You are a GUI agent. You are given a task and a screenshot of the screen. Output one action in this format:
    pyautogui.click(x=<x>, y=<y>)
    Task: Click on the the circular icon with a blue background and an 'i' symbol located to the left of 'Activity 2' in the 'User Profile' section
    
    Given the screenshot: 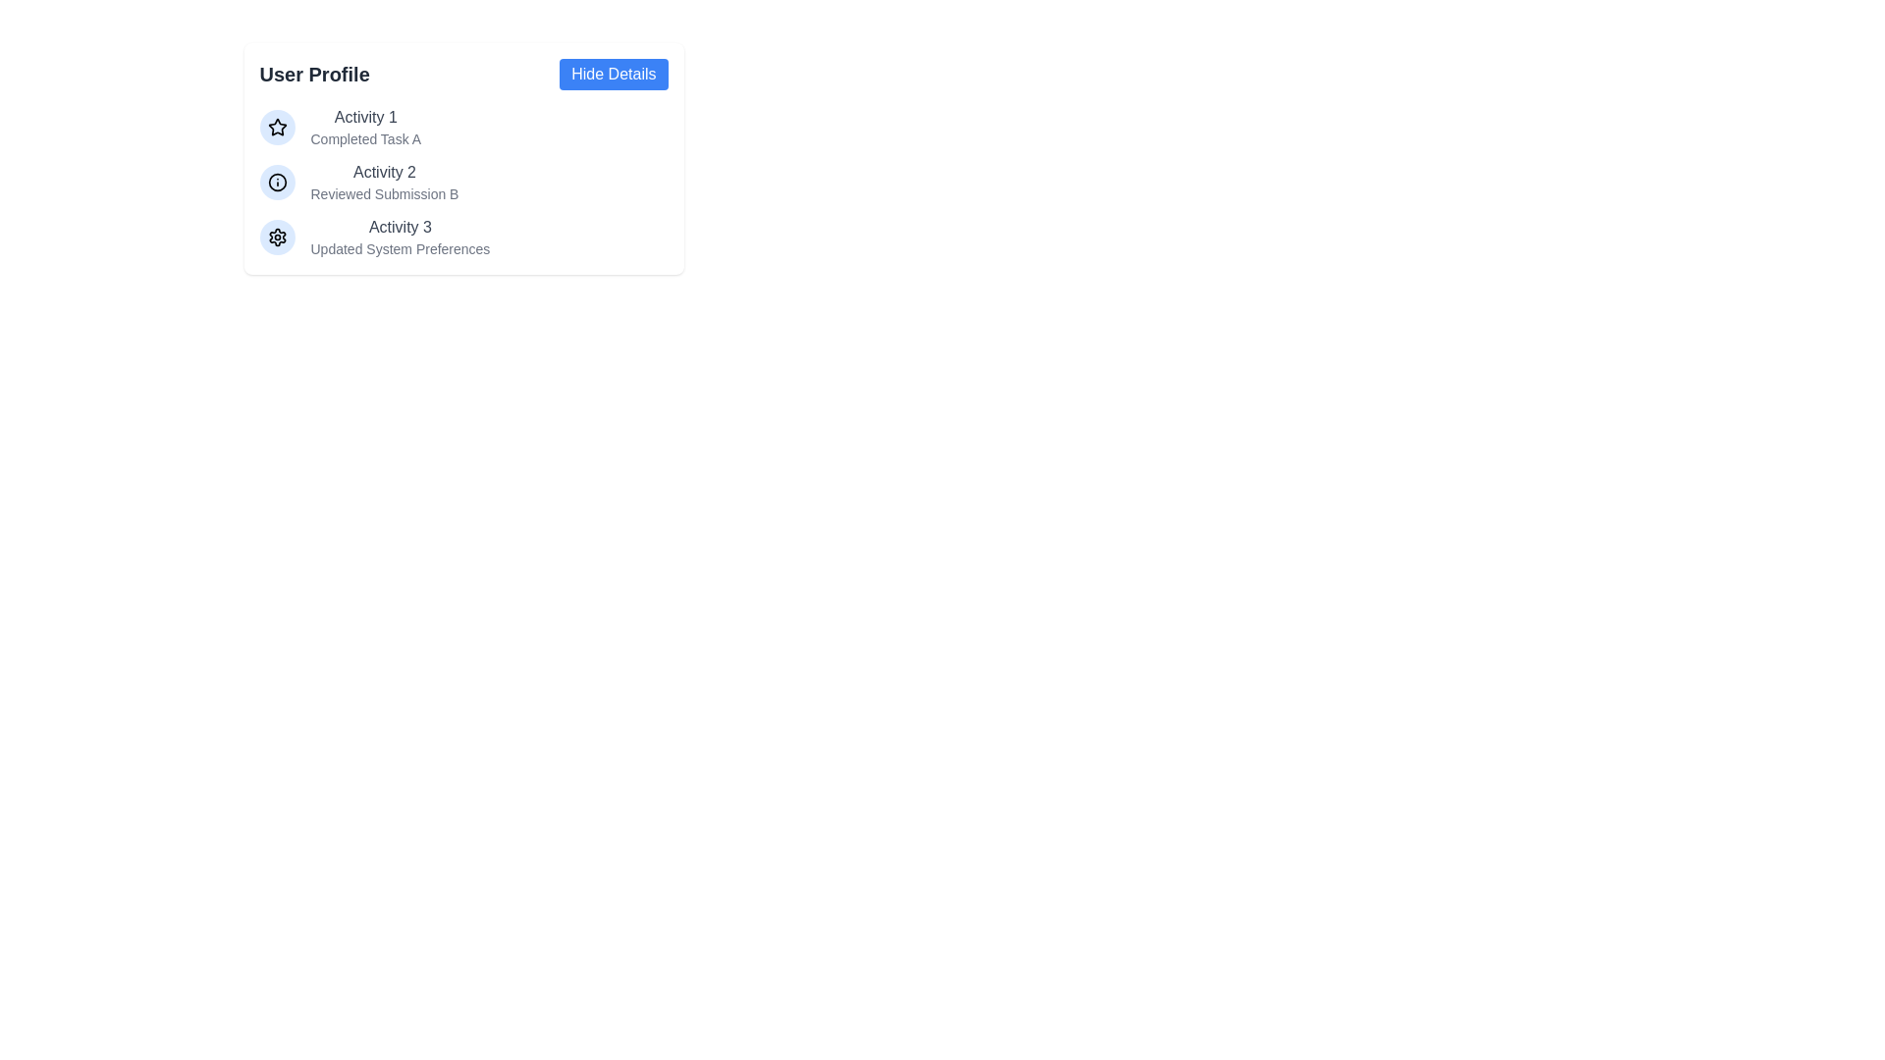 What is the action you would take?
    pyautogui.click(x=276, y=182)
    